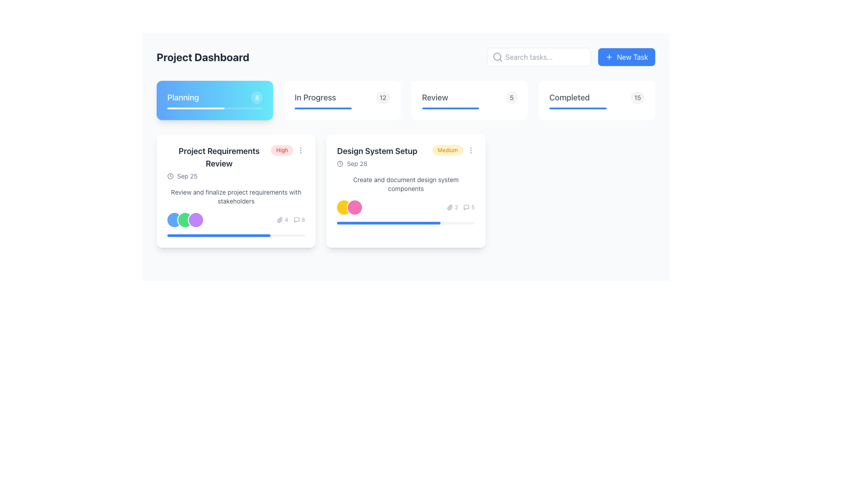  I want to click on the icon located at the bottom-right corner of the 'Project Requirements Review' card, which serves as a button for accessing comments or messages, so click(296, 220).